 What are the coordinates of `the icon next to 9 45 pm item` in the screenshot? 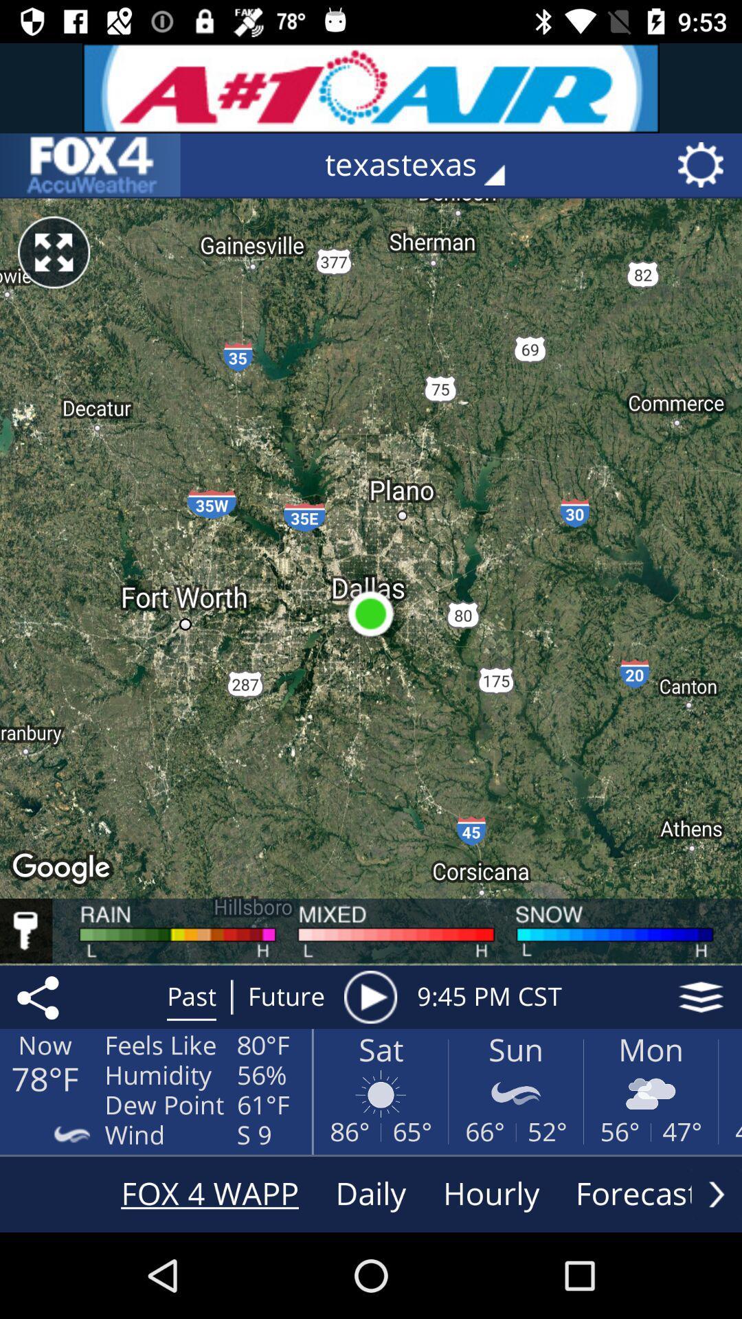 It's located at (701, 997).